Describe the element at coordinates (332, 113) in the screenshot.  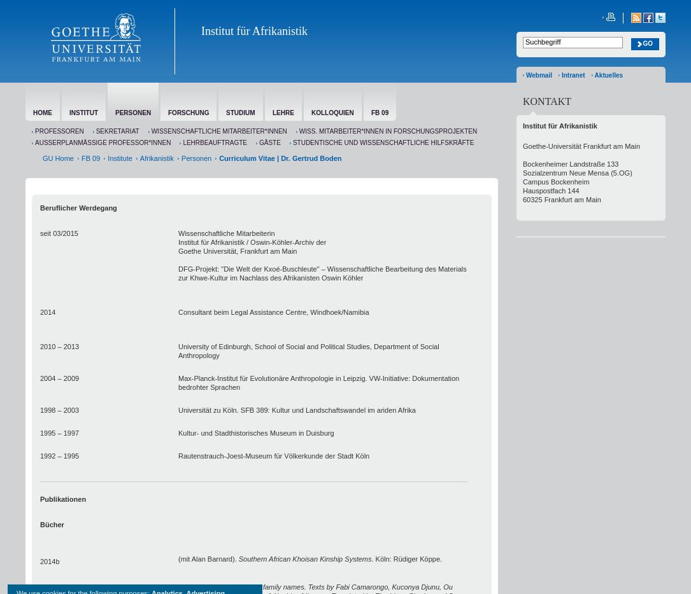
I see `'Kolloquien'` at that location.